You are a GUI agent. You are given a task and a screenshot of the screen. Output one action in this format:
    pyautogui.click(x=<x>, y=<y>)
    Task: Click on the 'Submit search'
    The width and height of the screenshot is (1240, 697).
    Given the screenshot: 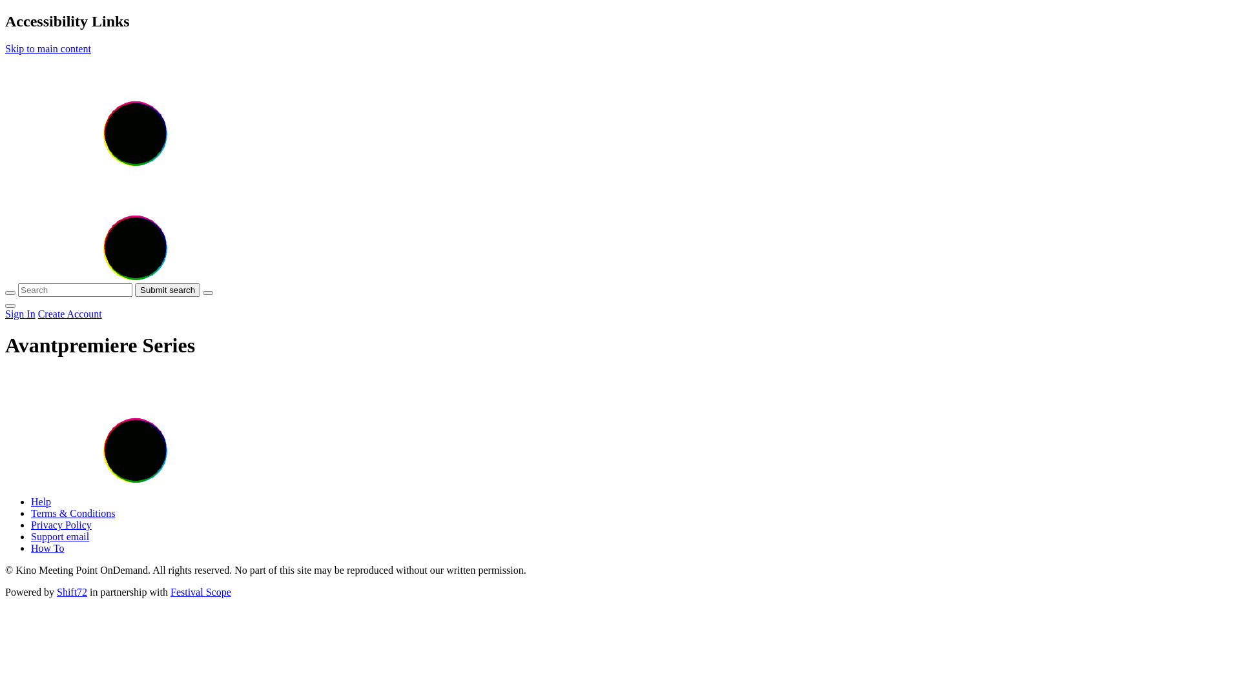 What is the action you would take?
    pyautogui.click(x=167, y=289)
    